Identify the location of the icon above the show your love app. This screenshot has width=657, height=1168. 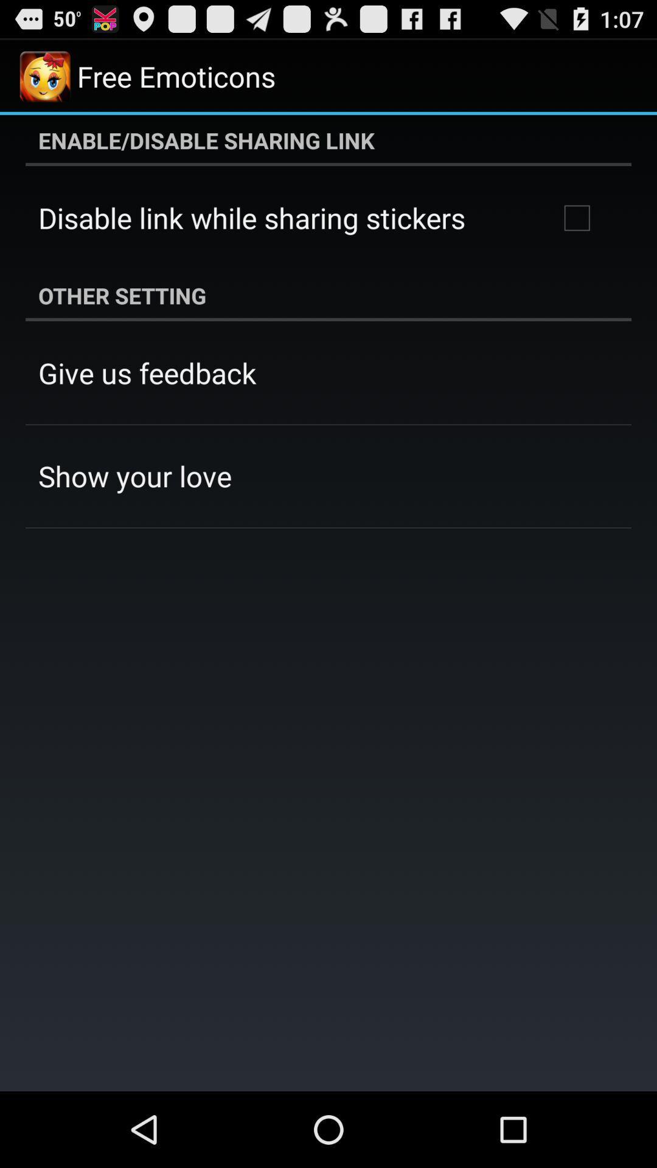
(147, 372).